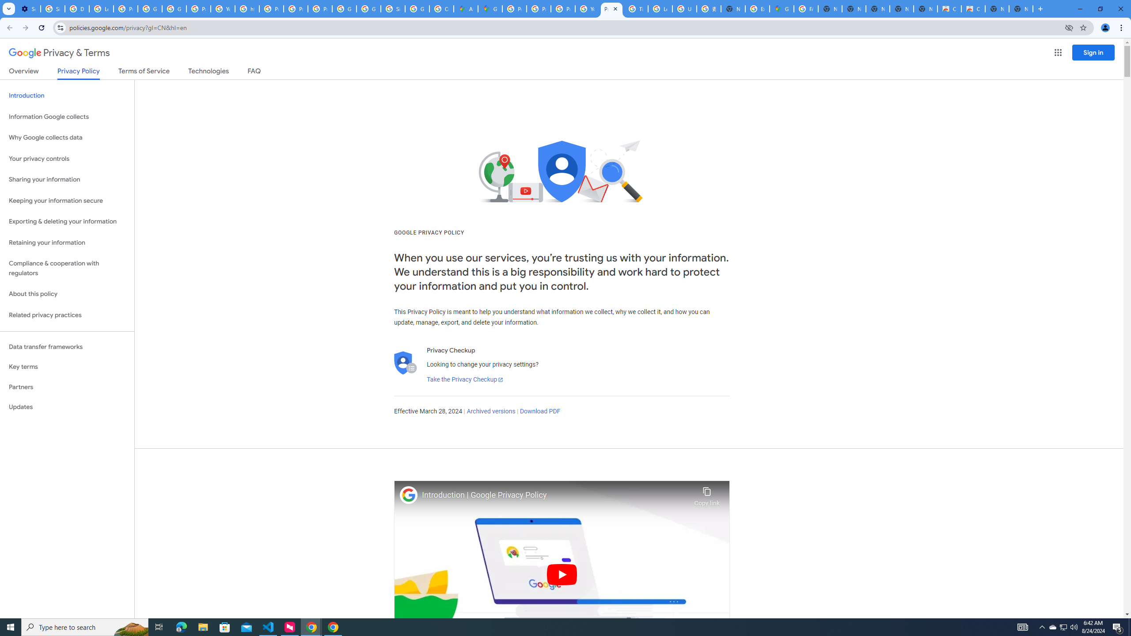 Image resolution: width=1131 pixels, height=636 pixels. I want to click on 'Tips & tricks for Chrome - Google Chrome Help', so click(636, 8).